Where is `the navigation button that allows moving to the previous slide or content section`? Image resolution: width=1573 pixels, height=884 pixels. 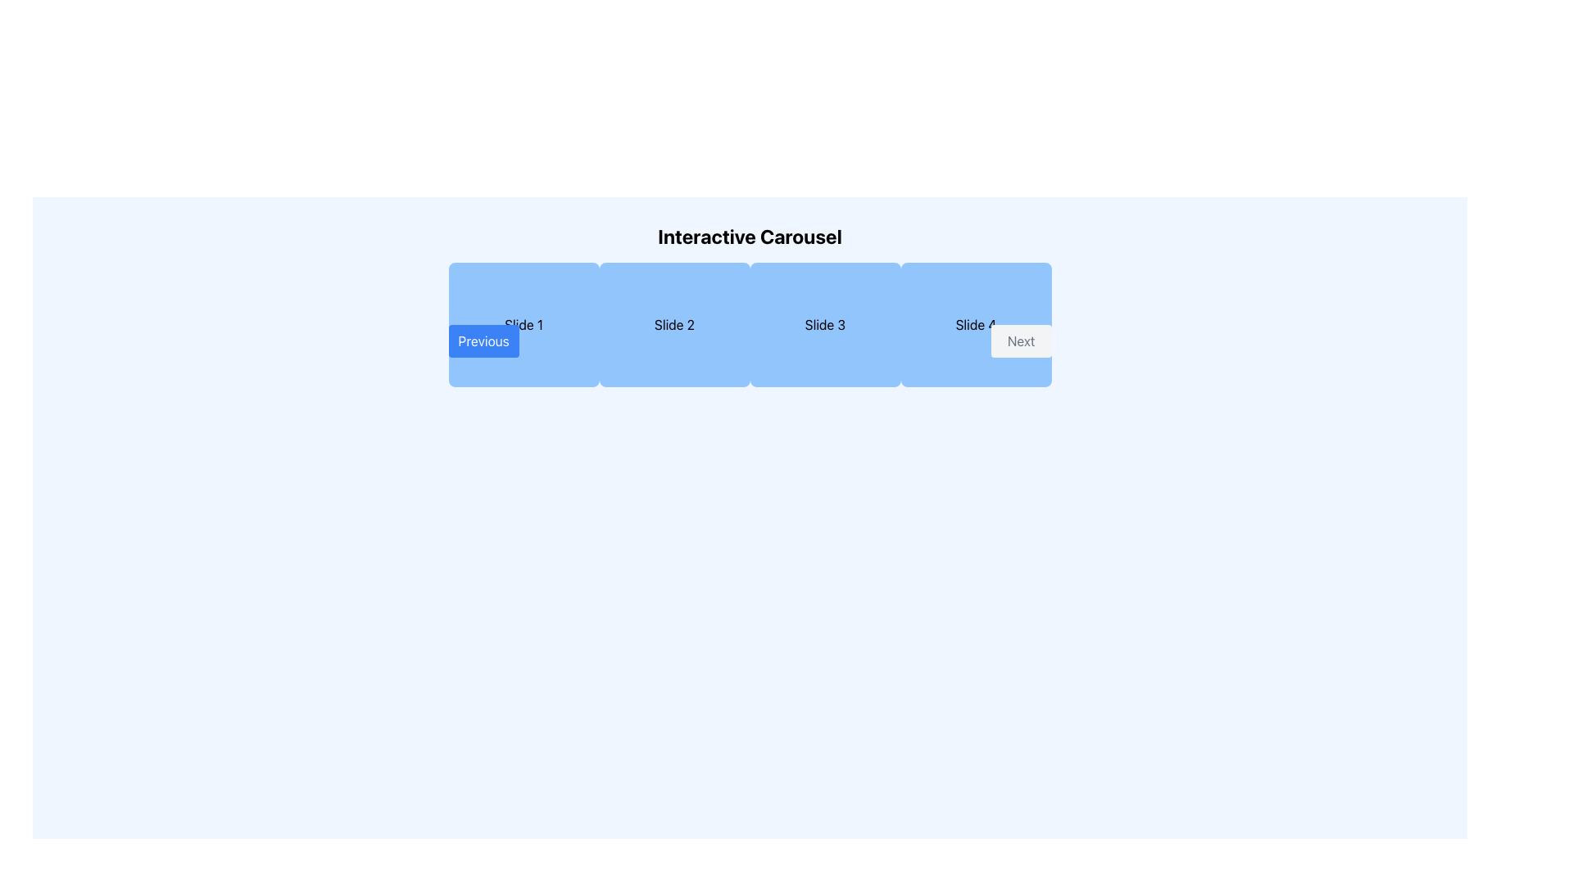 the navigation button that allows moving to the previous slide or content section is located at coordinates (483, 340).